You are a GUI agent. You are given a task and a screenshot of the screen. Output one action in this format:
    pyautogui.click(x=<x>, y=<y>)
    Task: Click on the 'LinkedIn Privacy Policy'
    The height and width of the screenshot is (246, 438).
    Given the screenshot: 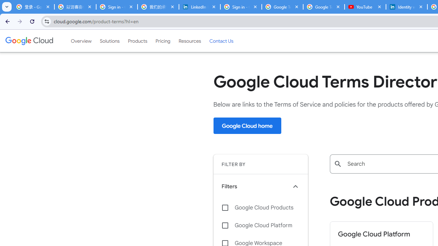 What is the action you would take?
    pyautogui.click(x=199, y=7)
    